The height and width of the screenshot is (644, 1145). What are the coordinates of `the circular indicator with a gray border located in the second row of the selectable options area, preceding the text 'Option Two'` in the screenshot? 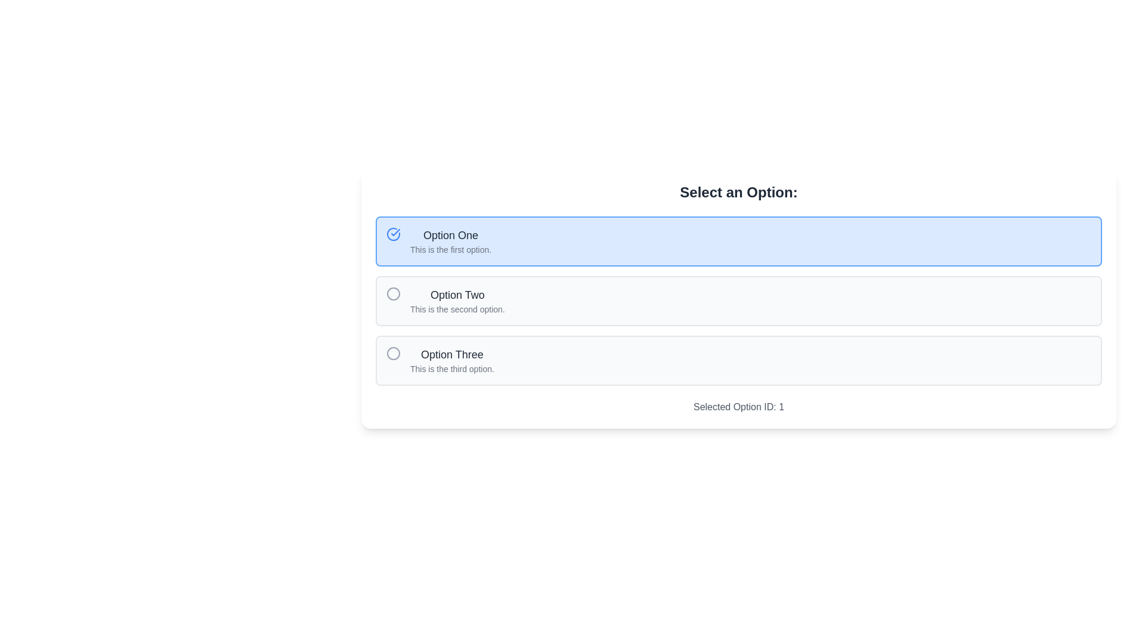 It's located at (394, 294).